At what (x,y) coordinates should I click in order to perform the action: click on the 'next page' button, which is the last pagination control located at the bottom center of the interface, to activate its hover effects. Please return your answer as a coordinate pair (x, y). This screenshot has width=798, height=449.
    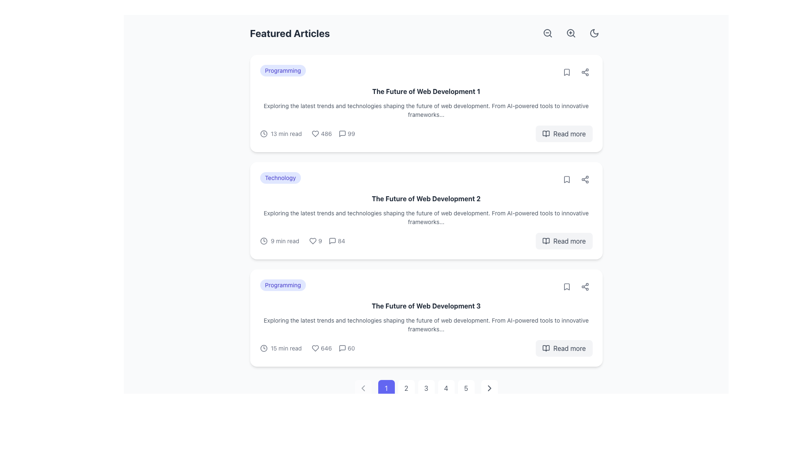
    Looking at the image, I should click on (489, 388).